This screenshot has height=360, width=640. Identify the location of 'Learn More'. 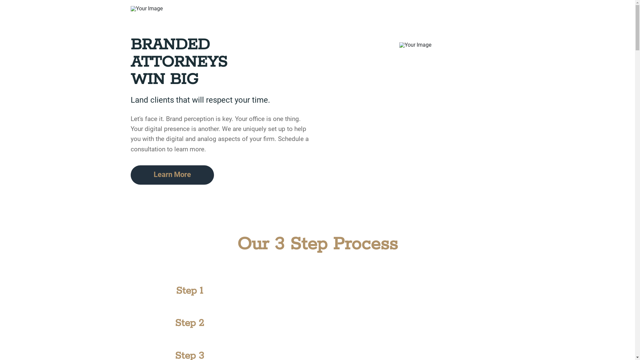
(172, 174).